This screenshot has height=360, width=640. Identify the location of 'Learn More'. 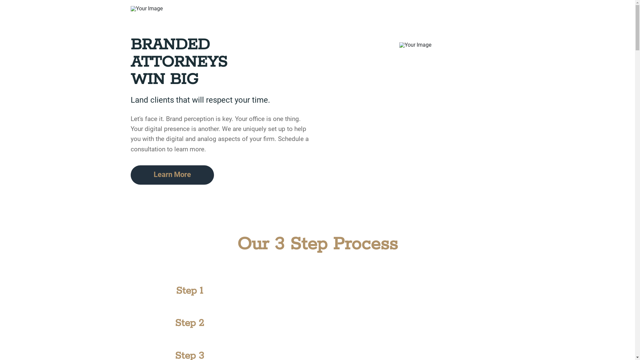
(172, 174).